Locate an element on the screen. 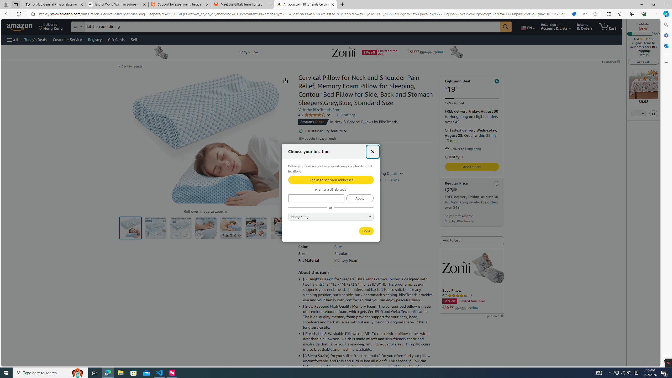 This screenshot has height=378, width=672. '4.2 4.2 out of 5 stars' is located at coordinates (314, 114).